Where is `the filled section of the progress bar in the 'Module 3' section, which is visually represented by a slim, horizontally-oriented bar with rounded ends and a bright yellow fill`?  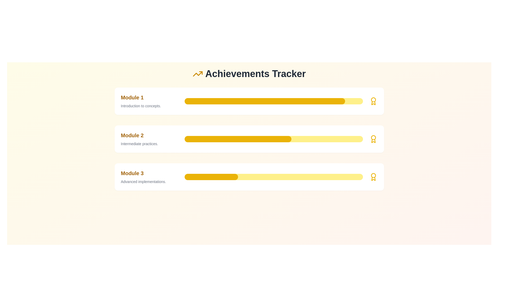 the filled section of the progress bar in the 'Module 3' section, which is visually represented by a slim, horizontally-oriented bar with rounded ends and a bright yellow fill is located at coordinates (211, 177).